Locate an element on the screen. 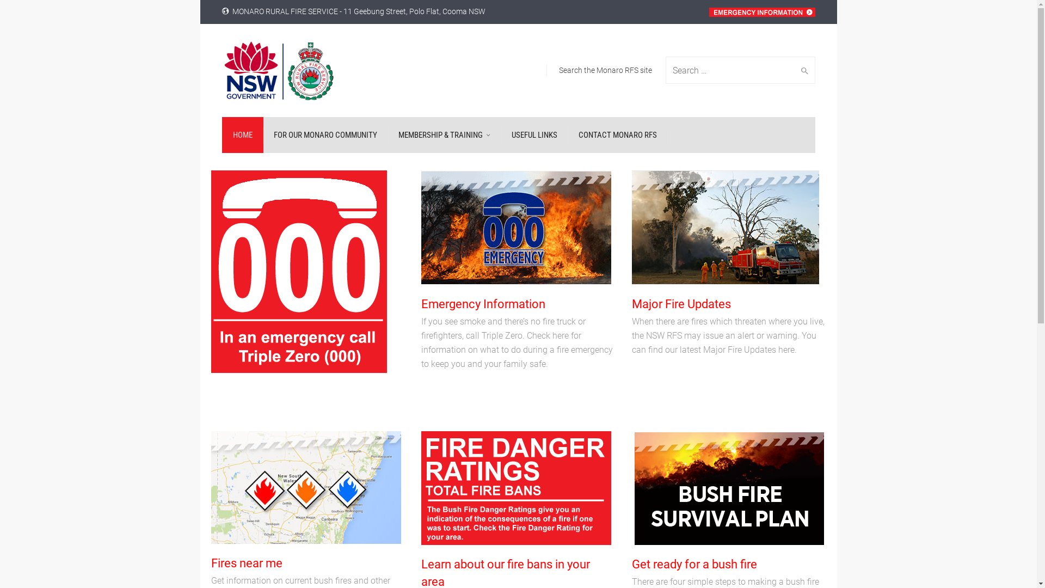 The height and width of the screenshot is (588, 1045). 'BFSP_contentbox' is located at coordinates (729, 487).